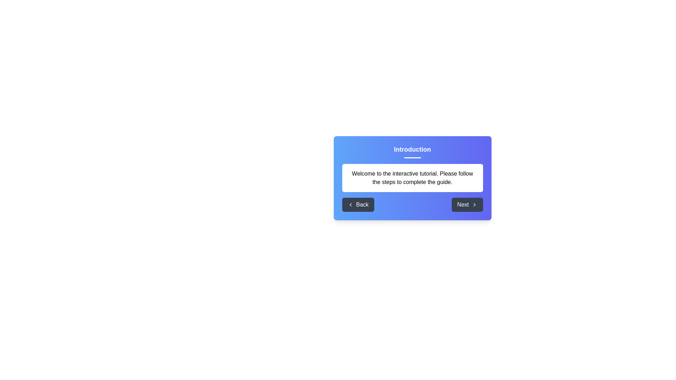 The image size is (676, 380). Describe the element at coordinates (350, 205) in the screenshot. I see `the back icon located on the bottom left side of the modal interface` at that location.